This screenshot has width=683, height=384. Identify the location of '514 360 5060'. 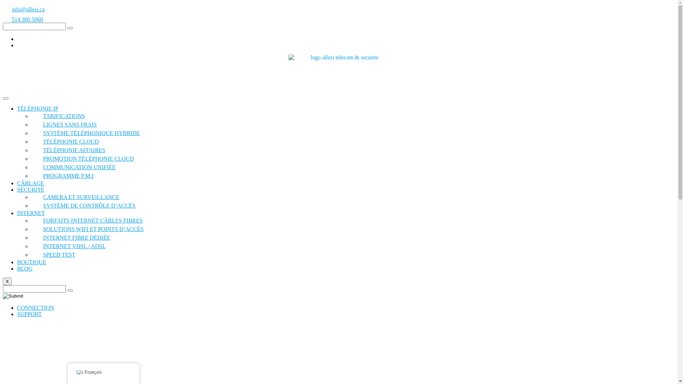
(341, 17).